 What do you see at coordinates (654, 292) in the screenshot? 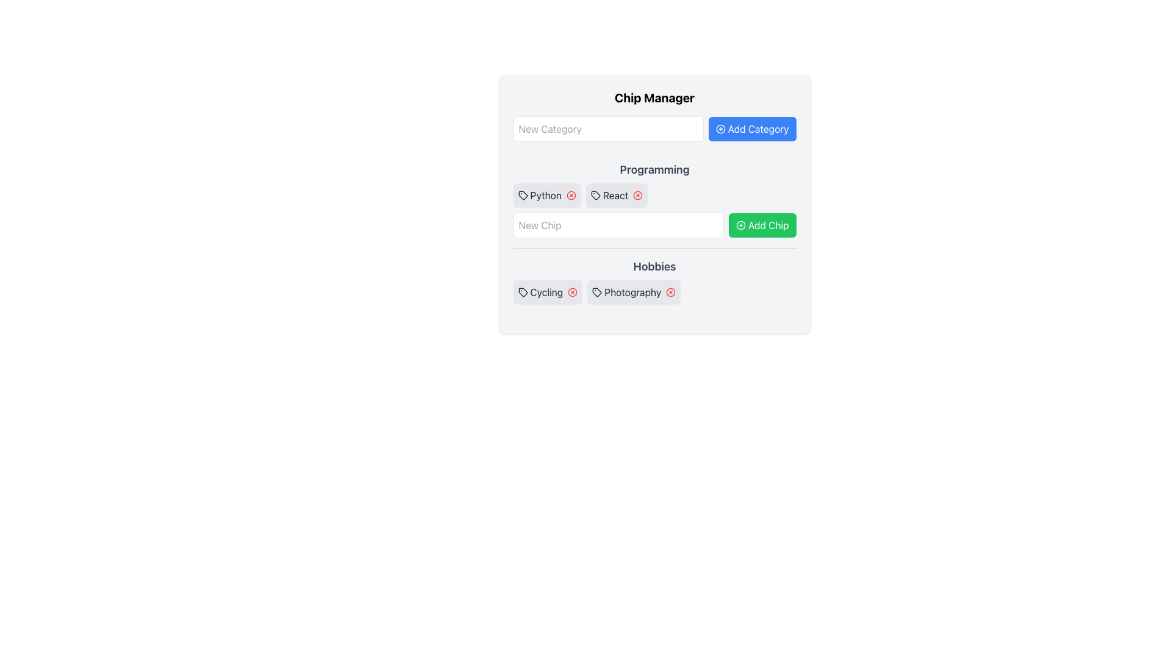
I see `the close (X) icon in the Tag Group located in the Hobbies section` at bounding box center [654, 292].